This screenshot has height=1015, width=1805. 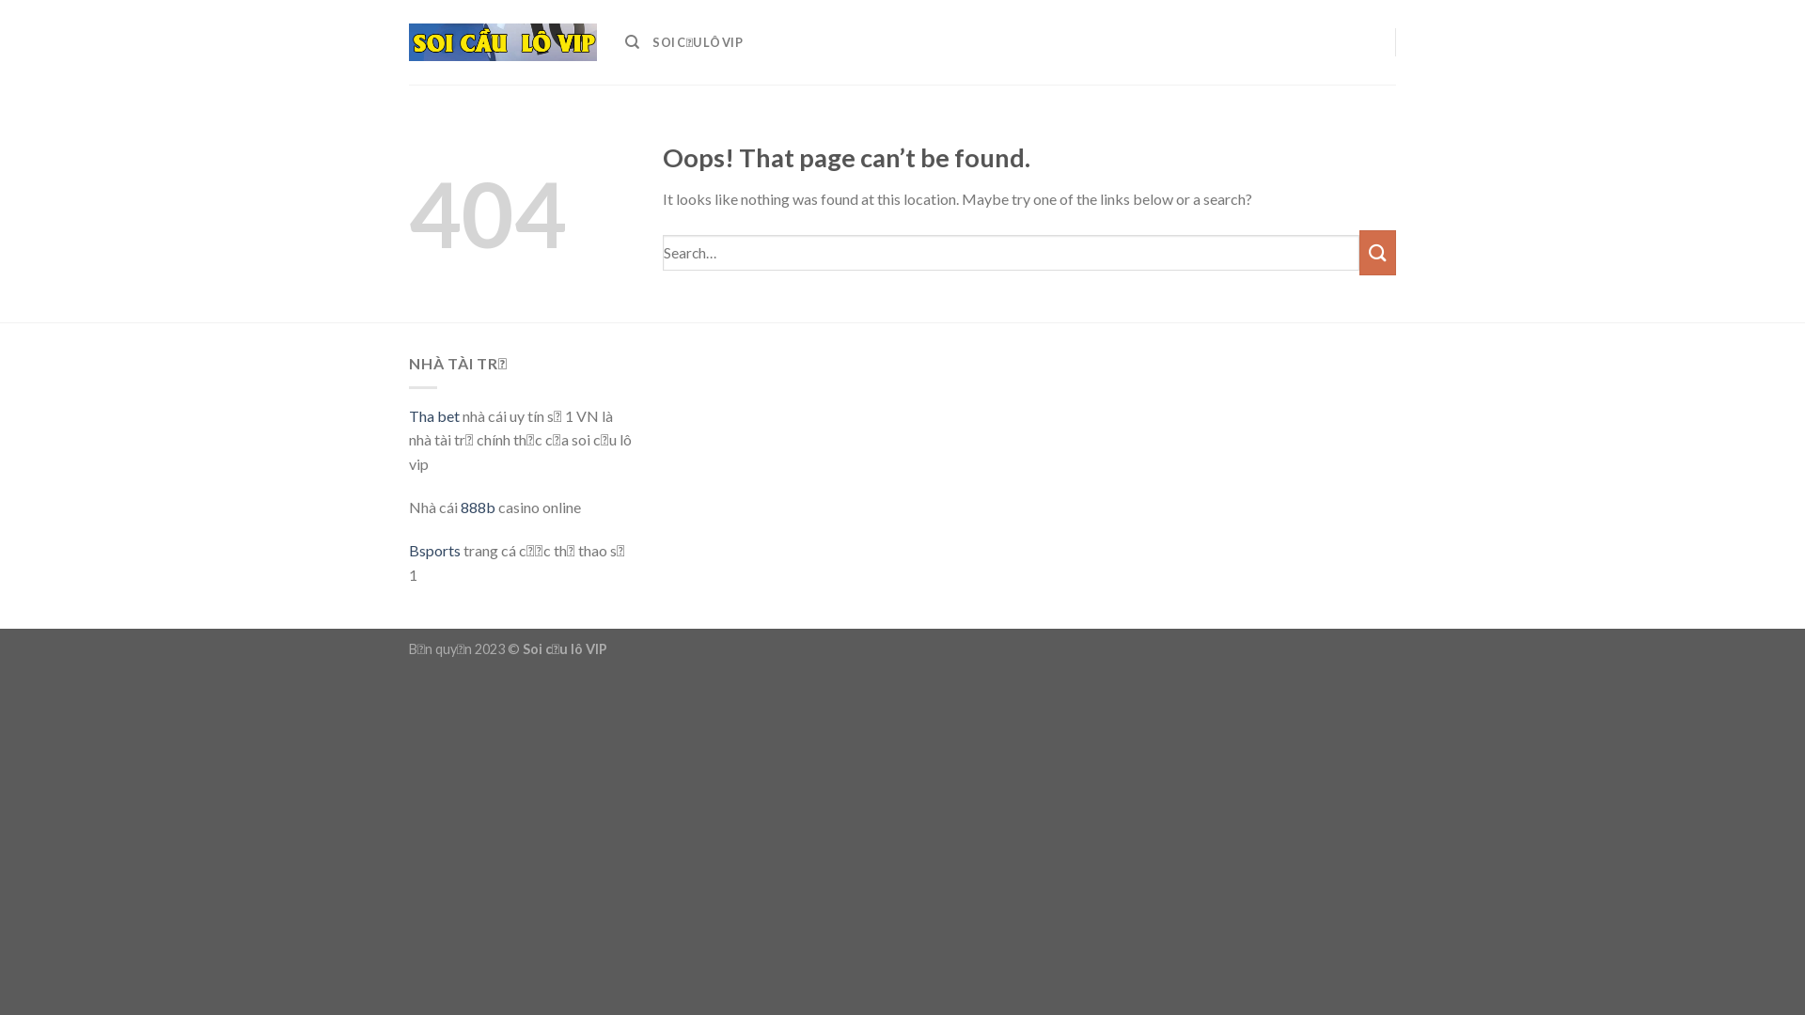 I want to click on '888b', so click(x=478, y=506).